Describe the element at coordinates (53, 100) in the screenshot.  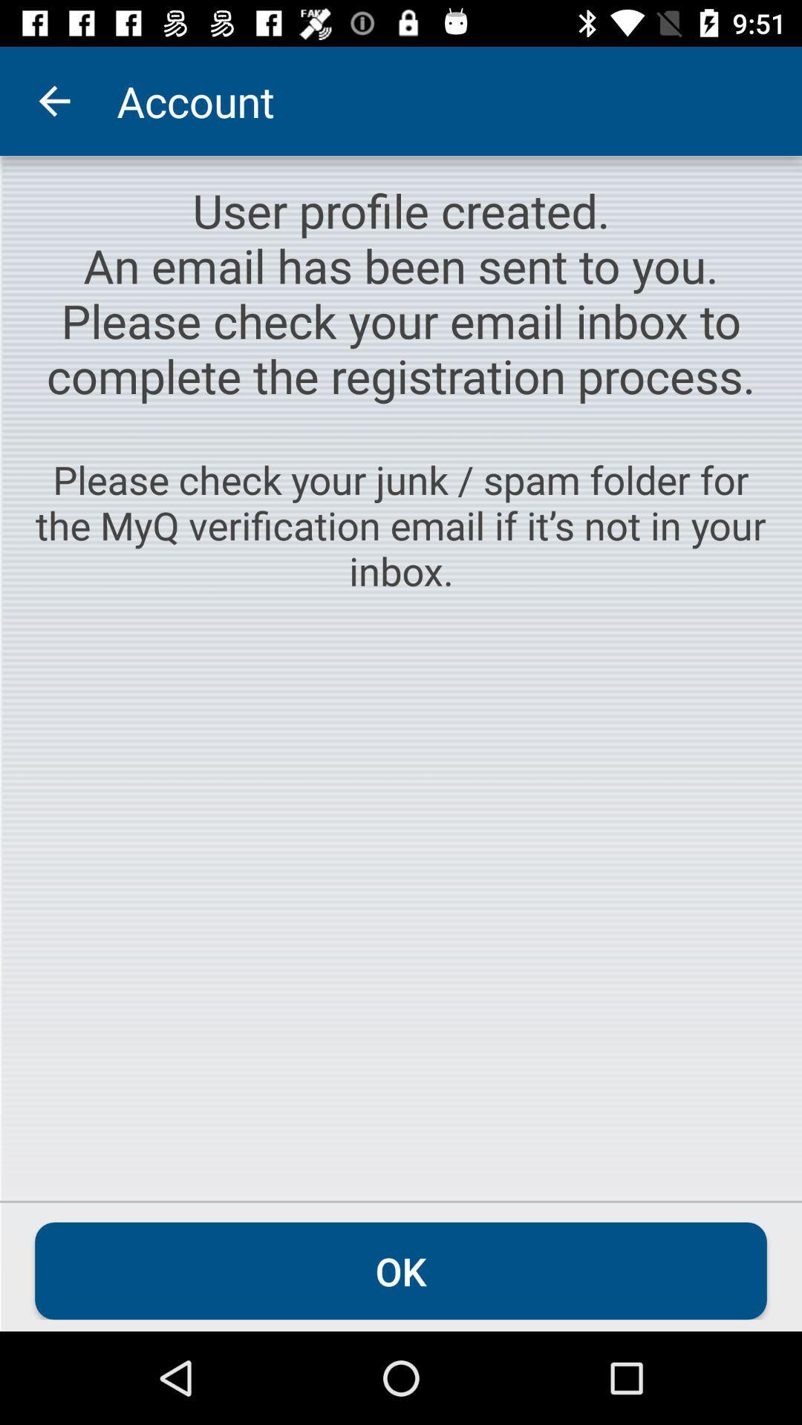
I see `the icon next to the account icon` at that location.